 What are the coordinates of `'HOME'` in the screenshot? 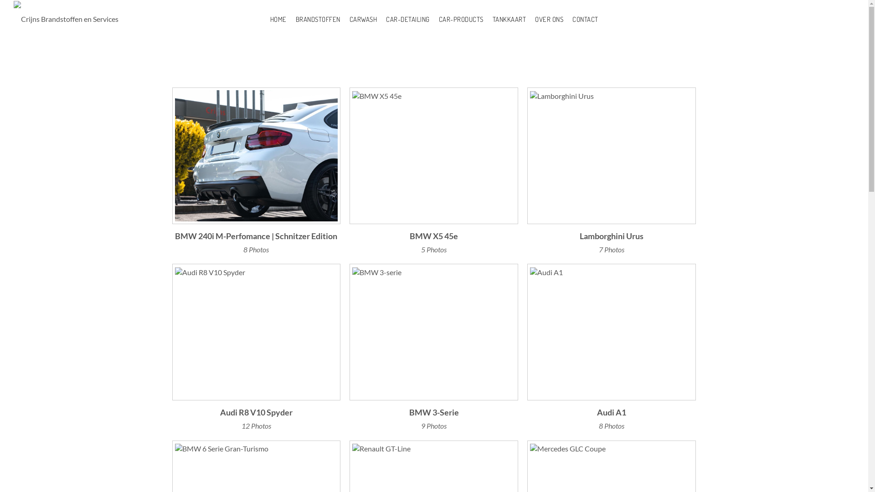 It's located at (277, 19).